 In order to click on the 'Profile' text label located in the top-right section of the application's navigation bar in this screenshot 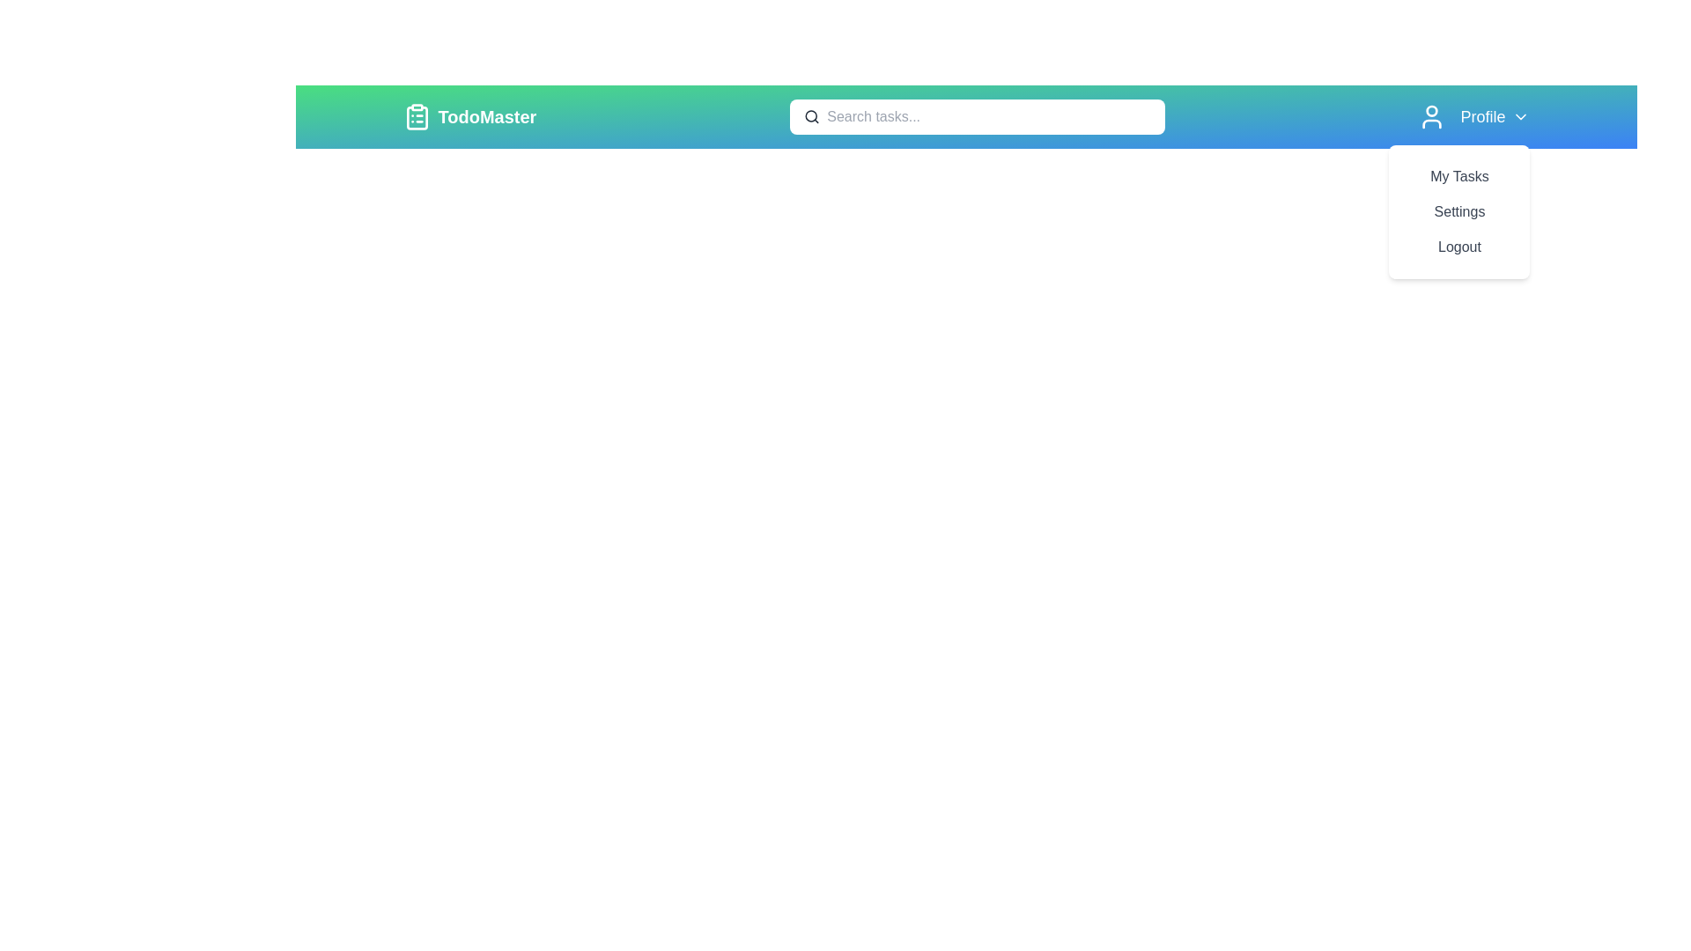, I will do `click(1482, 116)`.